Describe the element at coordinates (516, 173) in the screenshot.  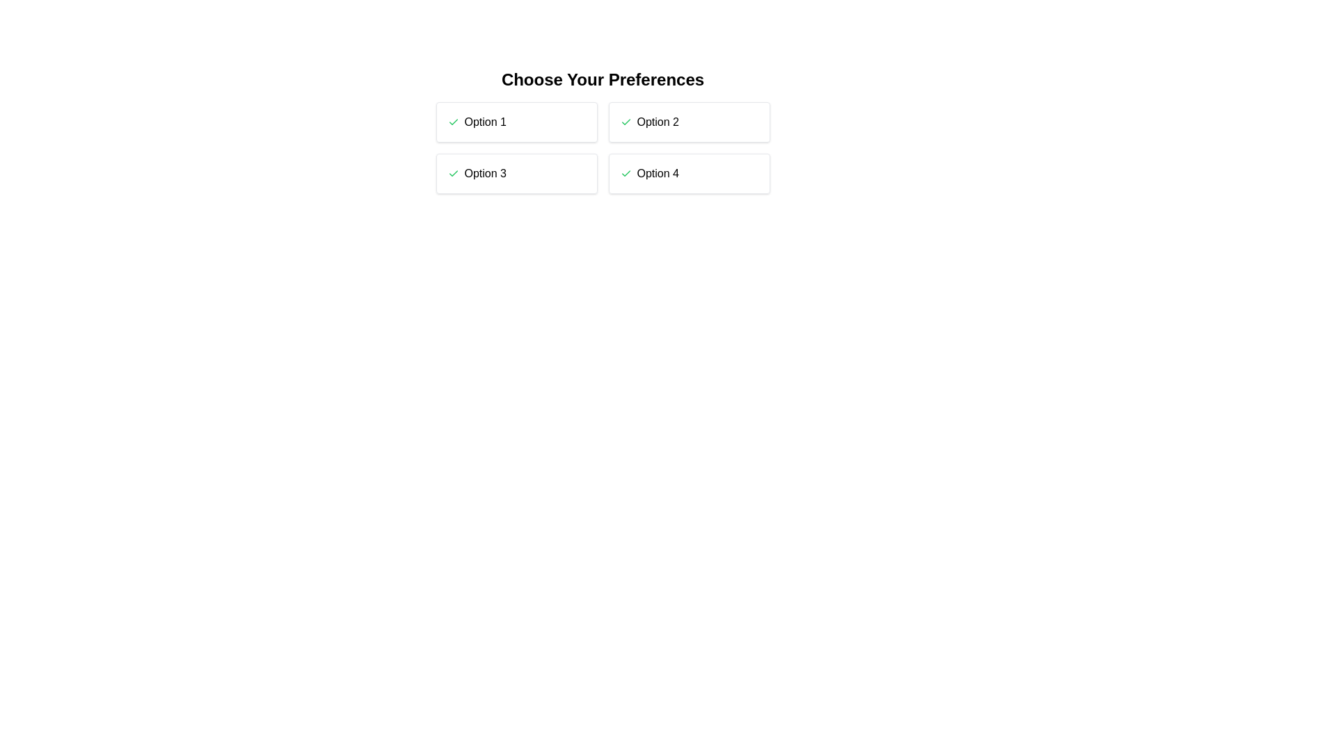
I see `the option 3 to observe the hover effect` at that location.